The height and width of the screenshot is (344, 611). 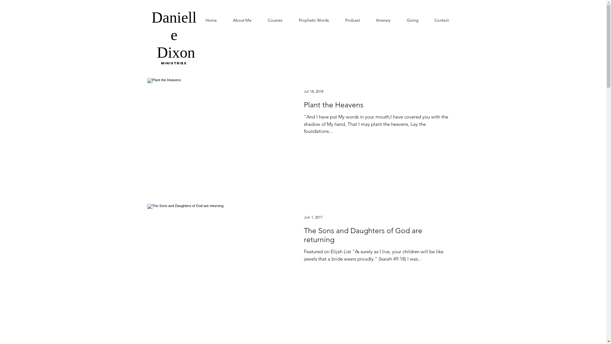 What do you see at coordinates (398, 20) in the screenshot?
I see `'Giving'` at bounding box center [398, 20].